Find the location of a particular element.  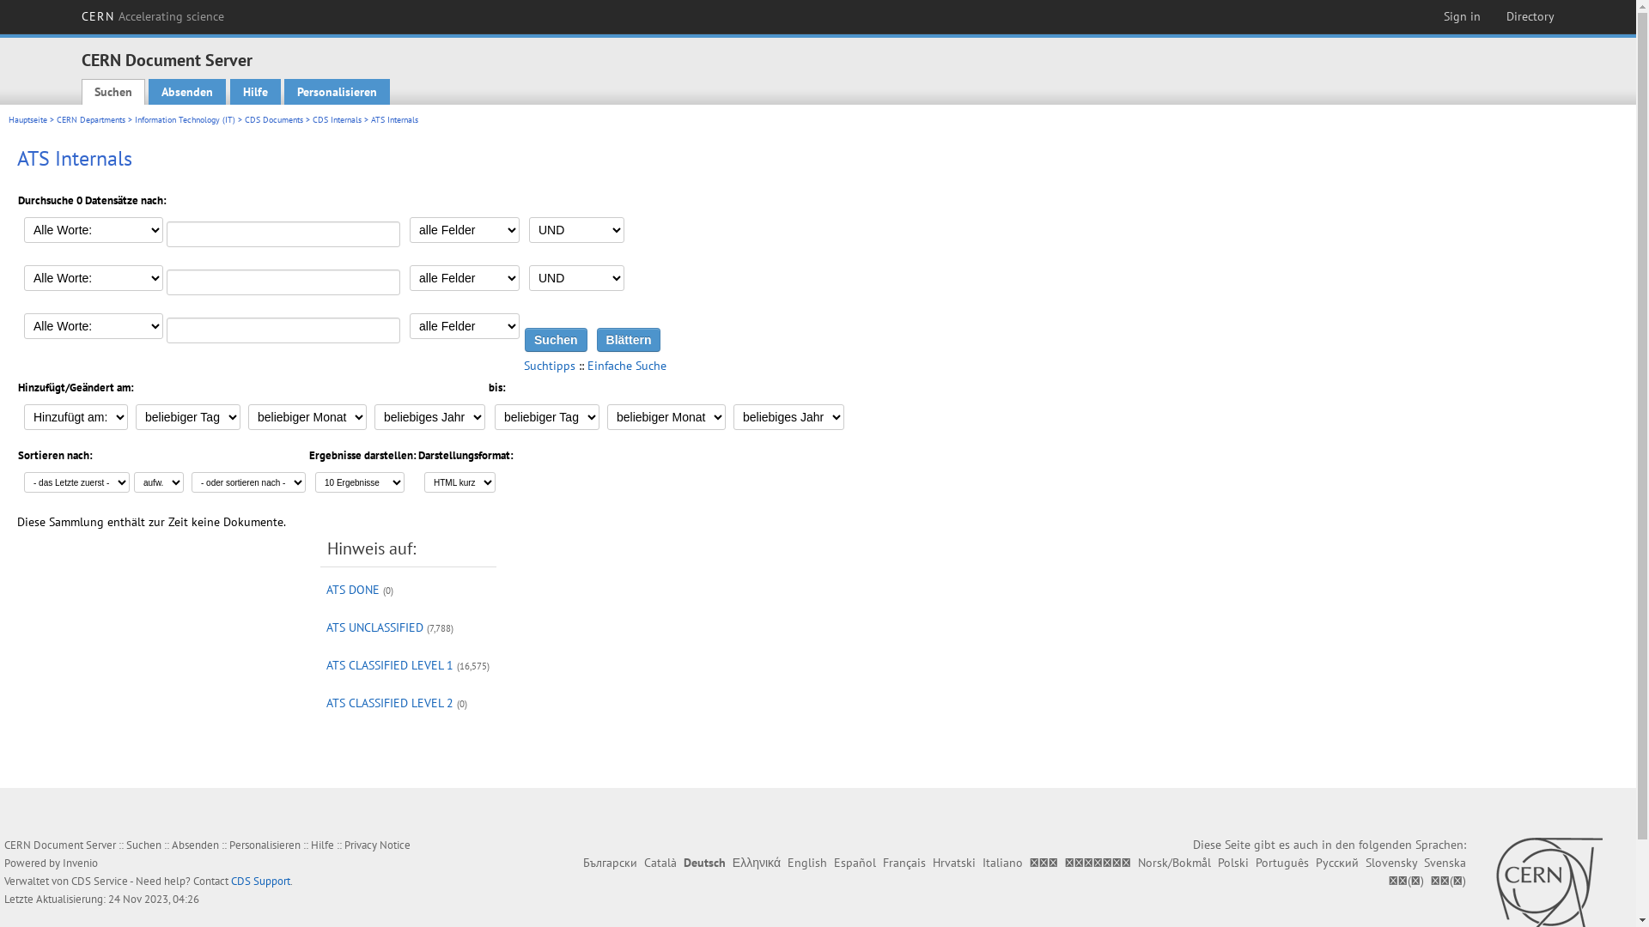

'CDS Internals' is located at coordinates (337, 118).